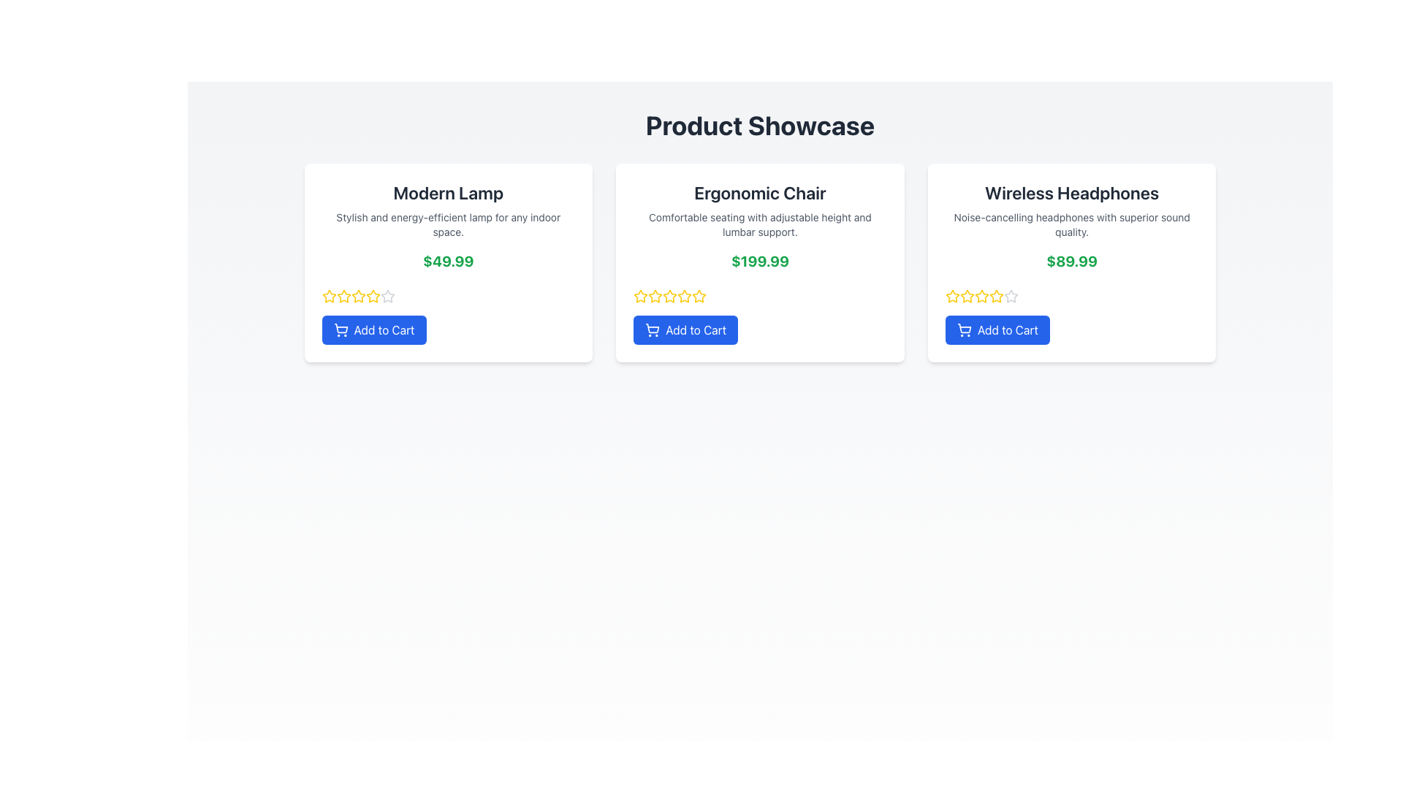  I want to click on the fourth star icon in the rating indicator for the 'Modern Lamp' product, which visually represents a rating level, so click(387, 296).